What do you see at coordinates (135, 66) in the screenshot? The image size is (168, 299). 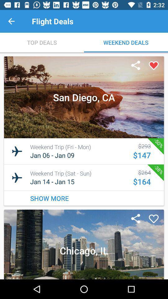 I see `the first icon in the first image which is at the top right` at bounding box center [135, 66].